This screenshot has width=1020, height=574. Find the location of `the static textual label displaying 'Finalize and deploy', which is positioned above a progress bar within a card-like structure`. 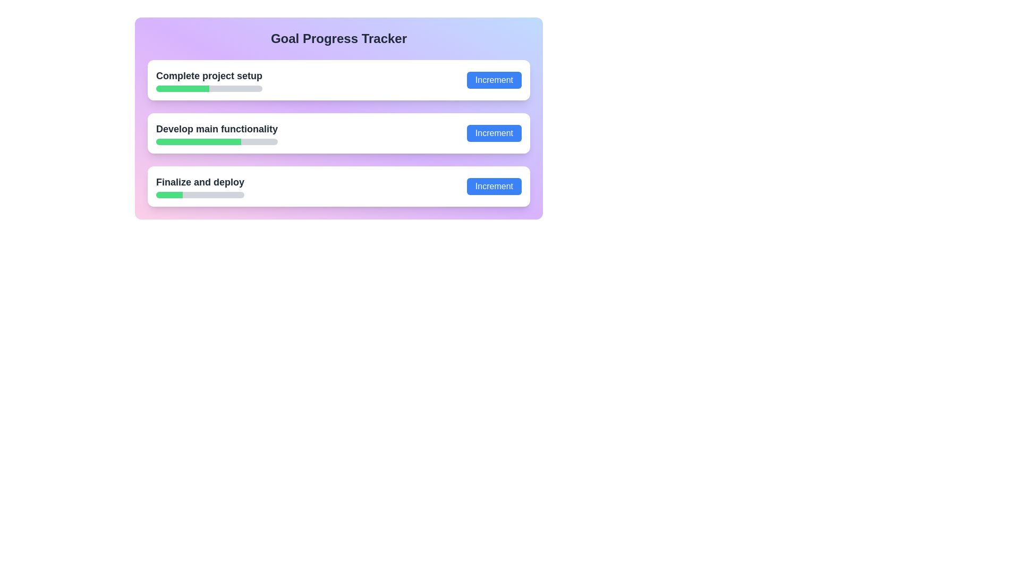

the static textual label displaying 'Finalize and deploy', which is positioned above a progress bar within a card-like structure is located at coordinates (200, 182).